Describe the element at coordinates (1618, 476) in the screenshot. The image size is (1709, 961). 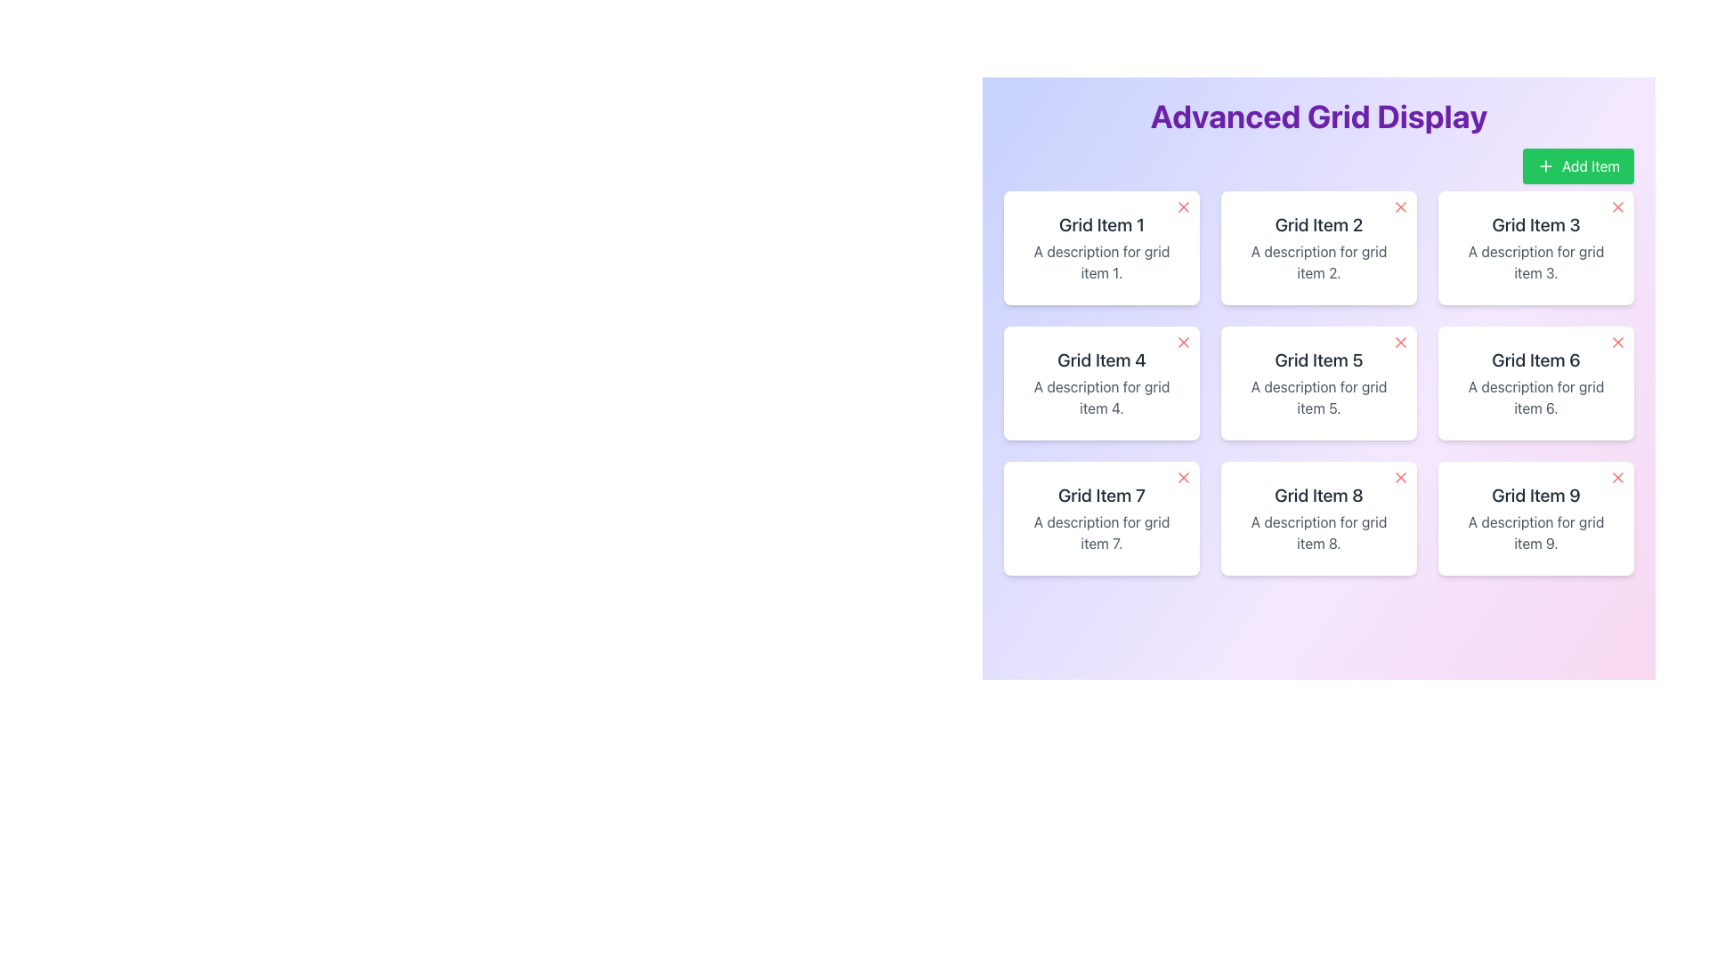
I see `the close icon represented by an 'X' located in the top-right corner of the card labeled 'Grid Item 9' to initiate a close action` at that location.